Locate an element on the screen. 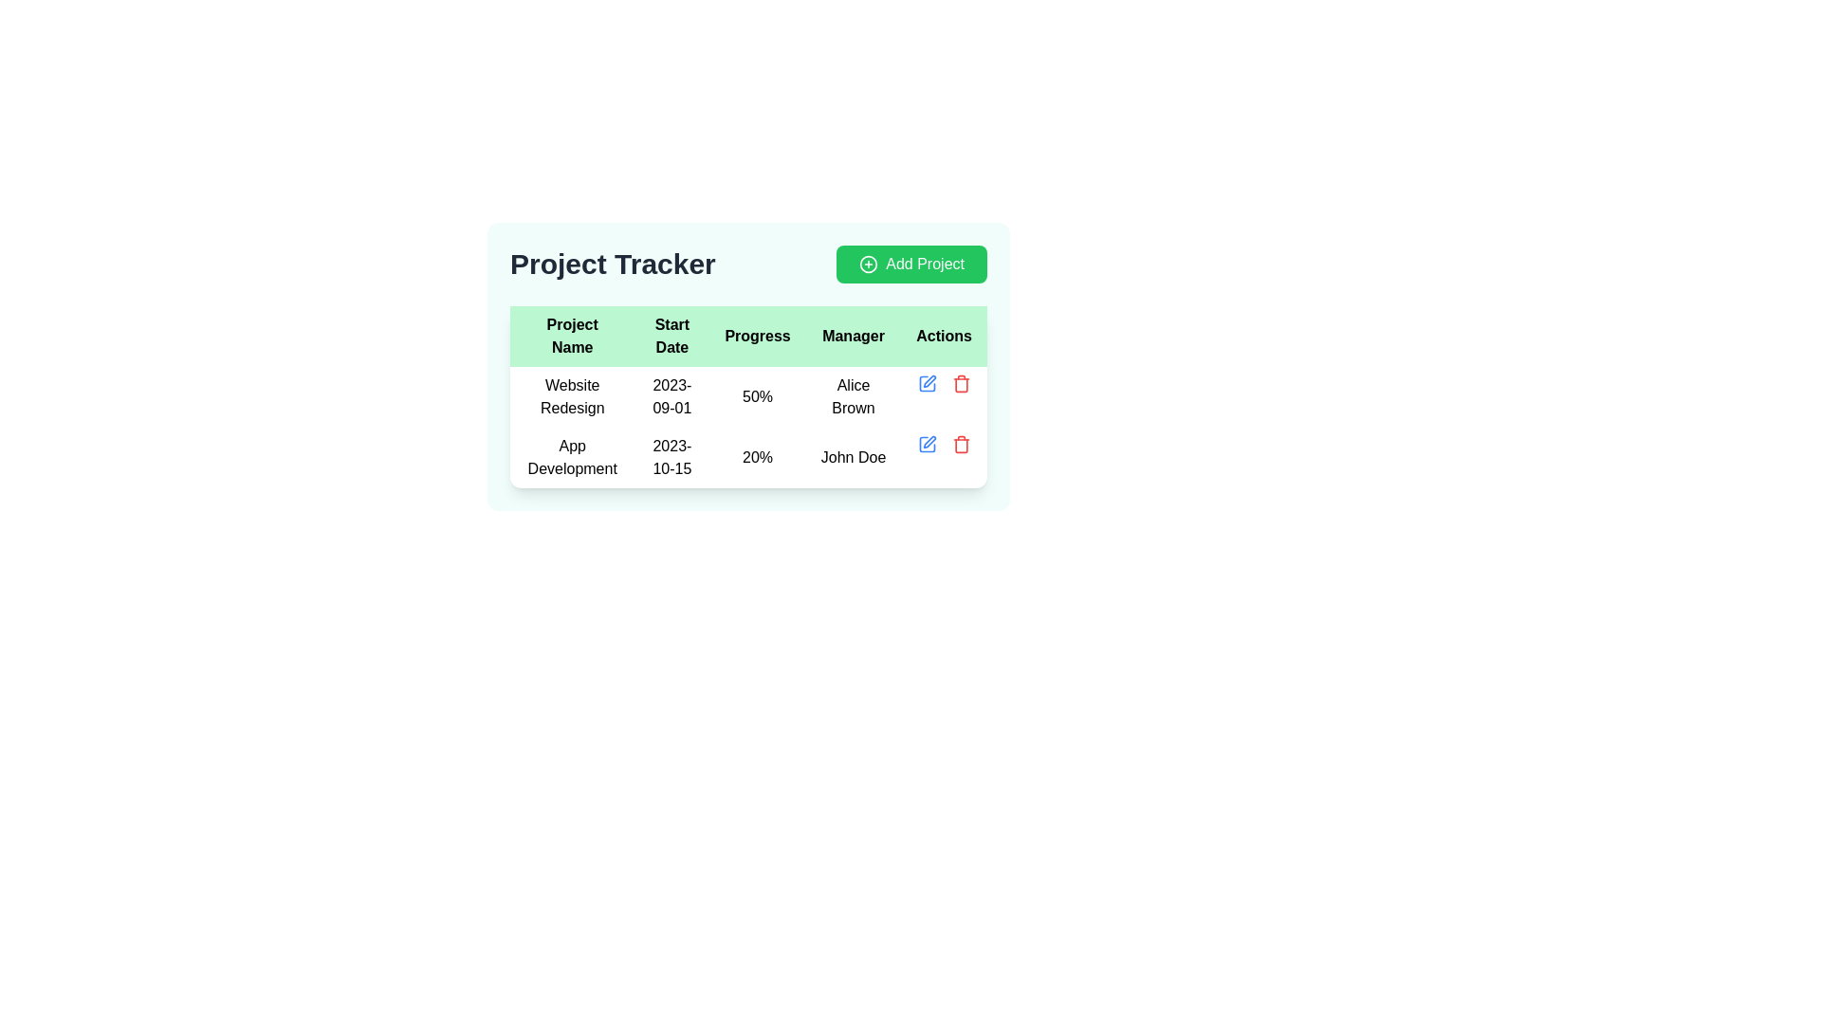  'Start Date' text label, which is displayed in bold black font in the green header row of a table, positioned as the second column label is located at coordinates (671, 335).